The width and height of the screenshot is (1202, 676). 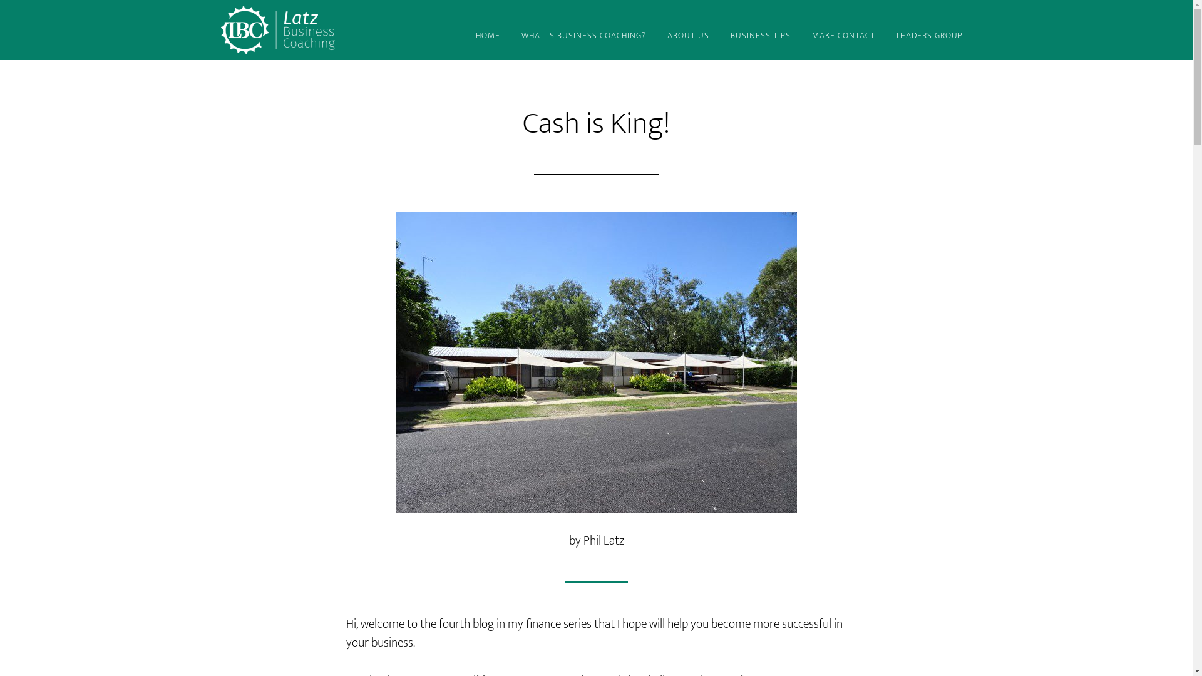 I want to click on 'HOME', so click(x=465, y=35).